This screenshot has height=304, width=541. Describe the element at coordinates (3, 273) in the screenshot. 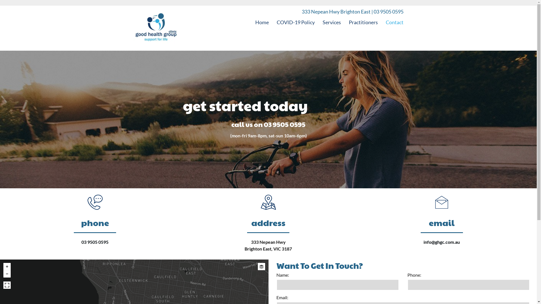

I see `'-'` at that location.